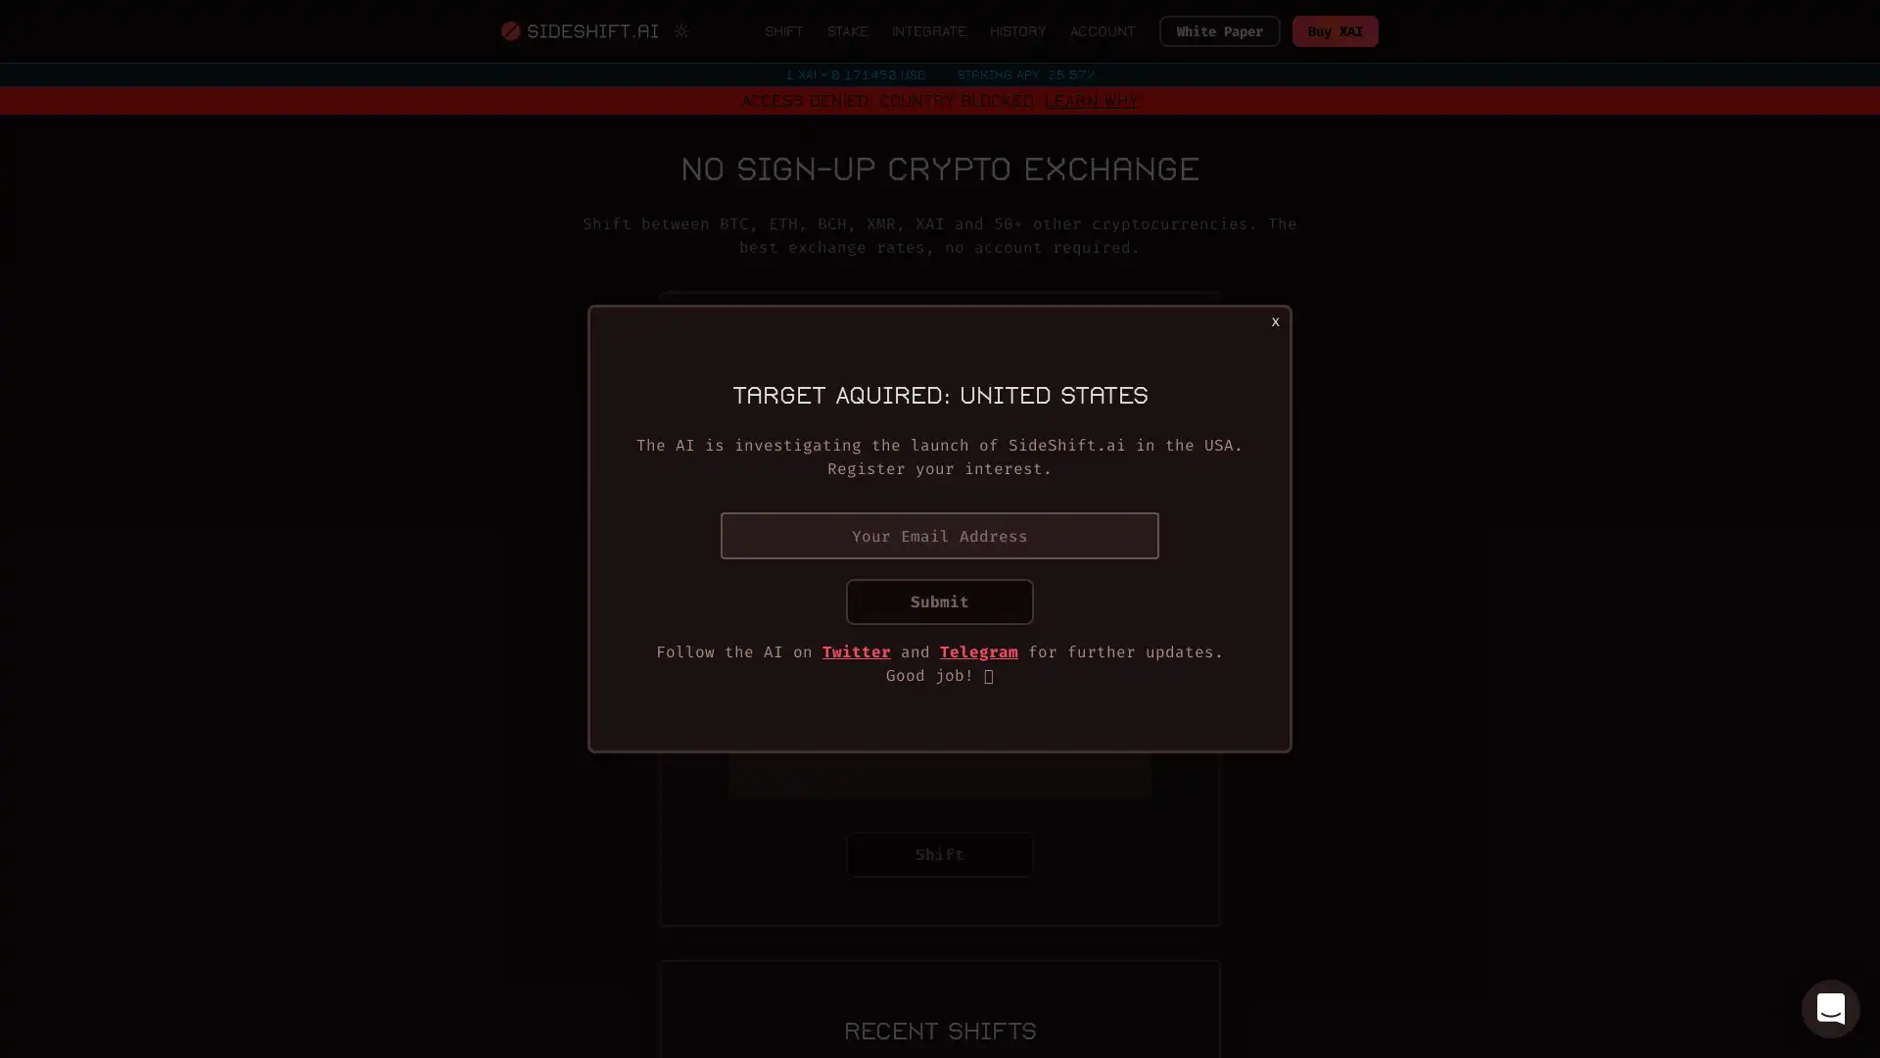 The height and width of the screenshot is (1058, 1880). Describe the element at coordinates (862, 360) in the screenshot. I see `Switch to variable rate` at that location.